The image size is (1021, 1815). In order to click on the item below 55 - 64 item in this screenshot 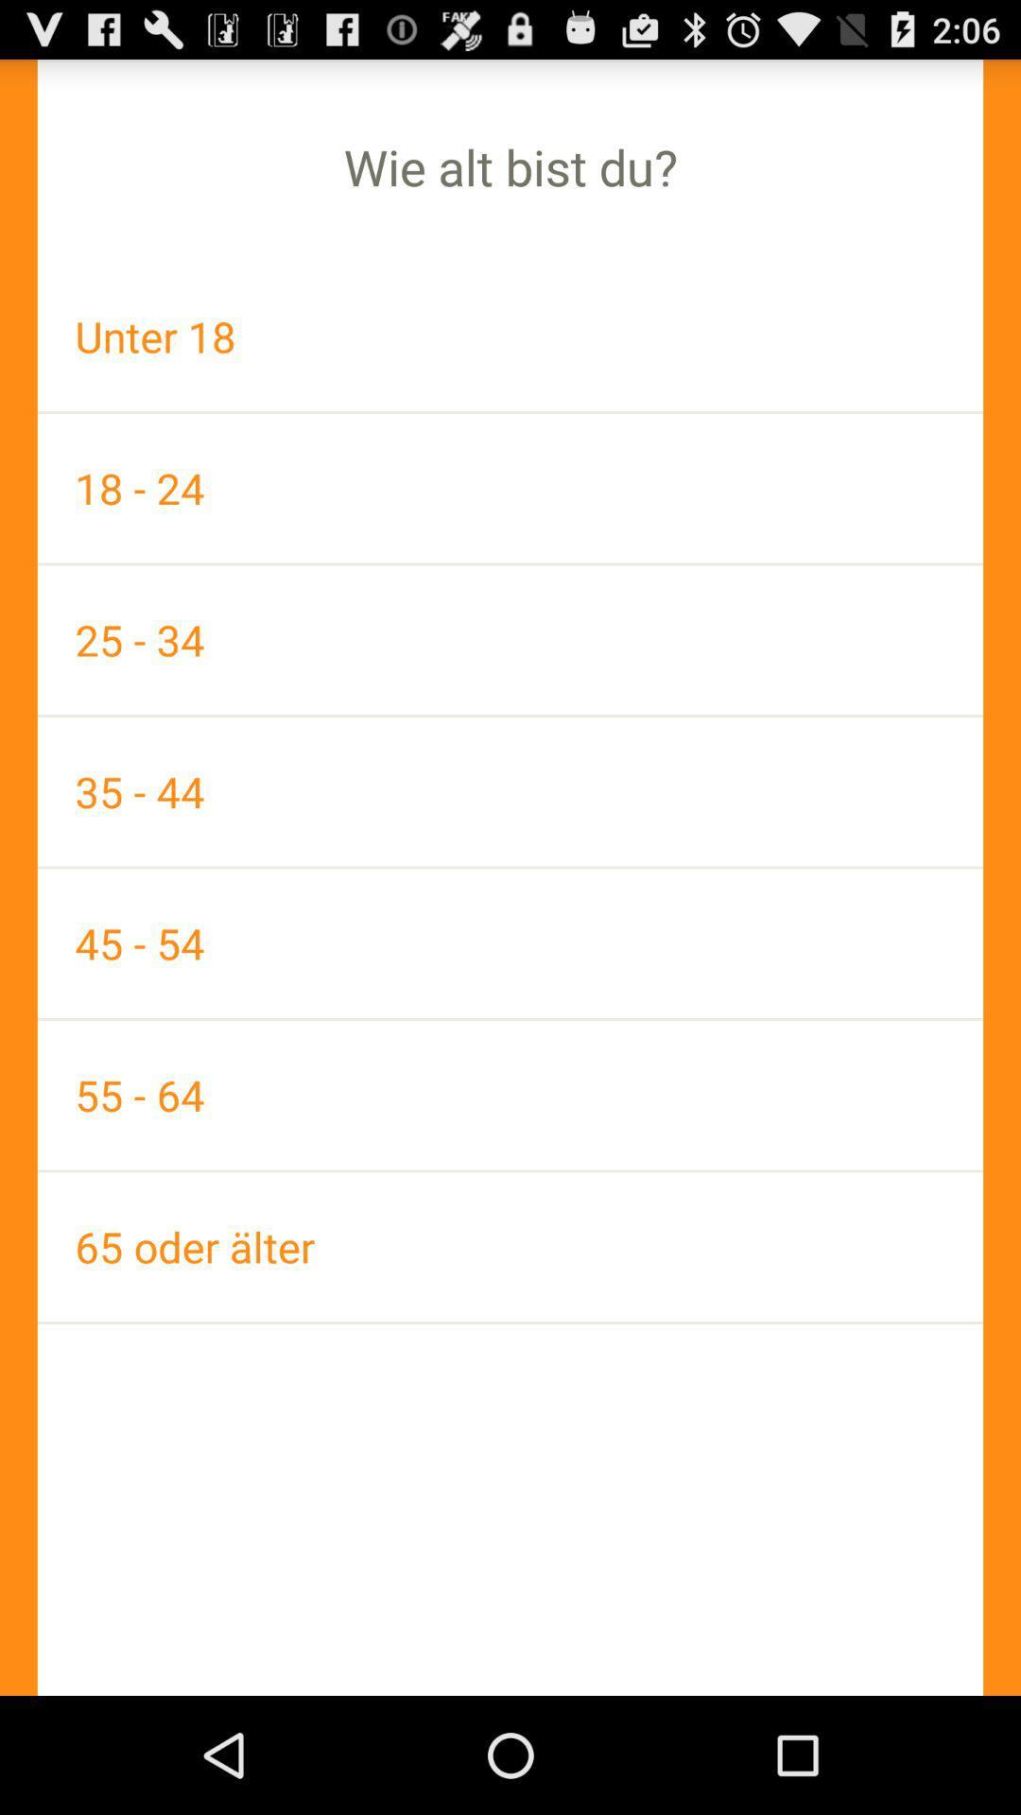, I will do `click(510, 1247)`.